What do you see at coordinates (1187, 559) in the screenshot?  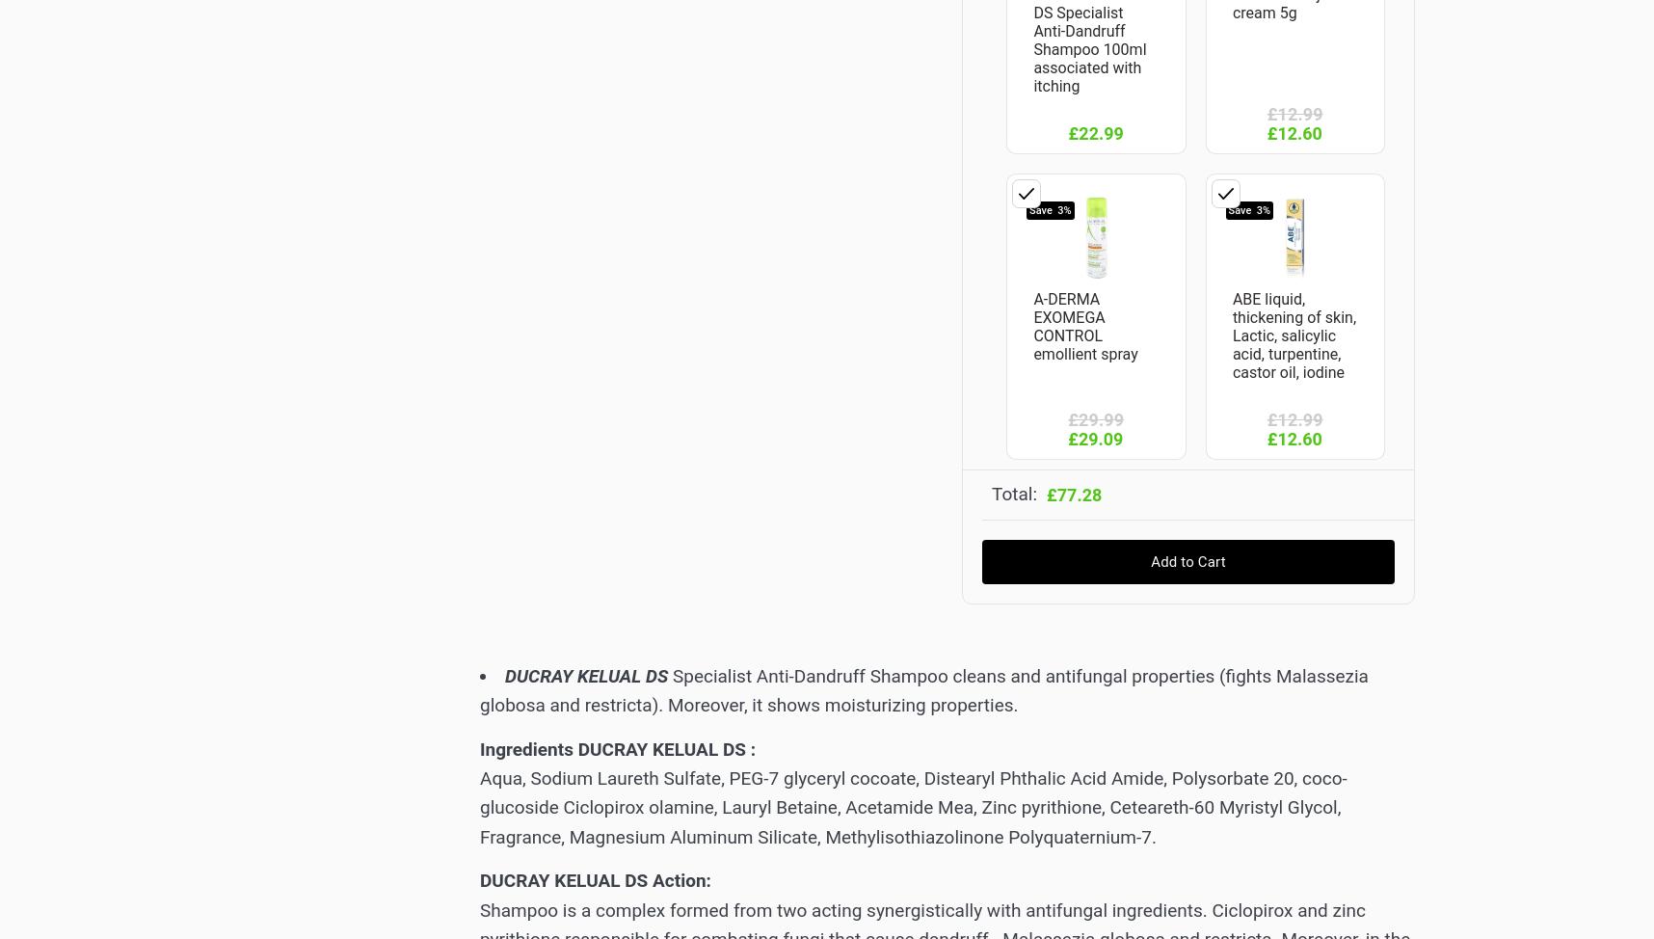 I see `'Add to Cart'` at bounding box center [1187, 559].